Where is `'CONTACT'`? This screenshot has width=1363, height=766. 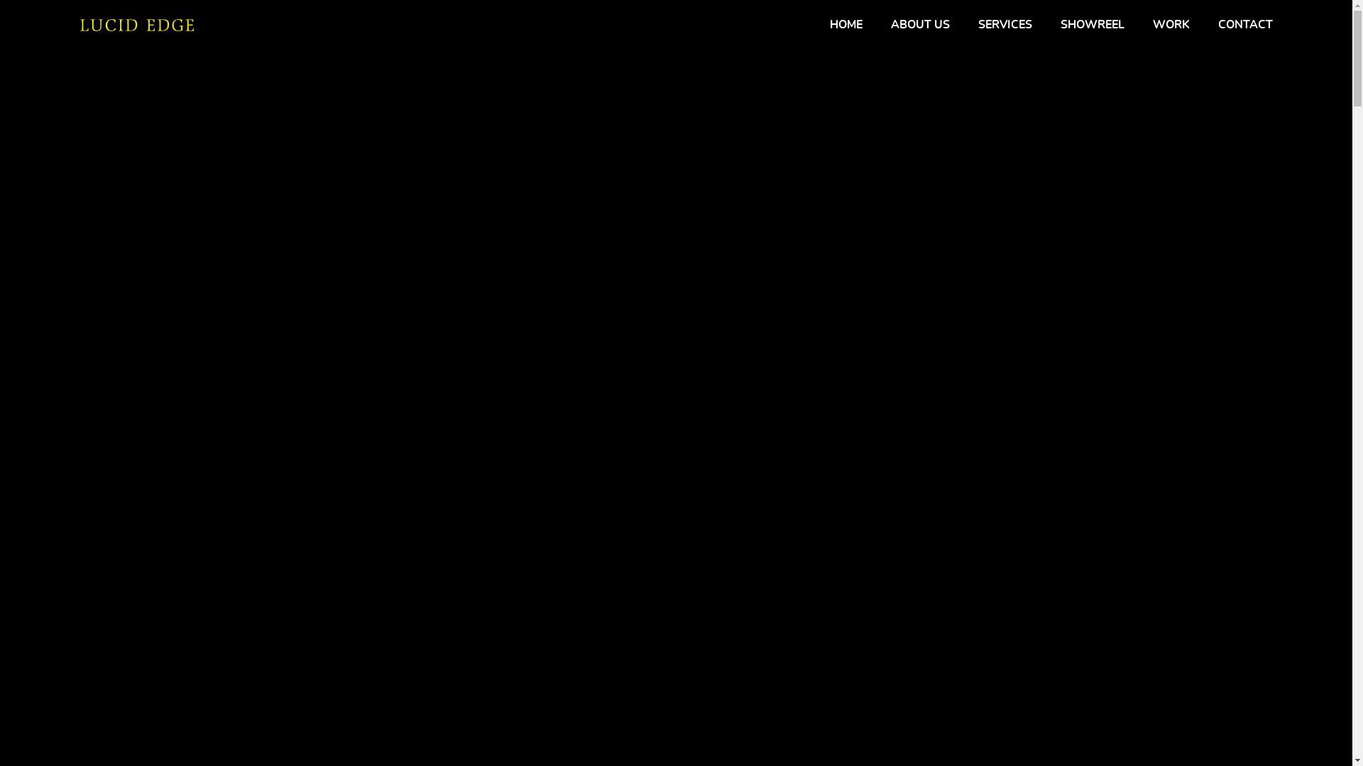
'CONTACT' is located at coordinates (1217, 25).